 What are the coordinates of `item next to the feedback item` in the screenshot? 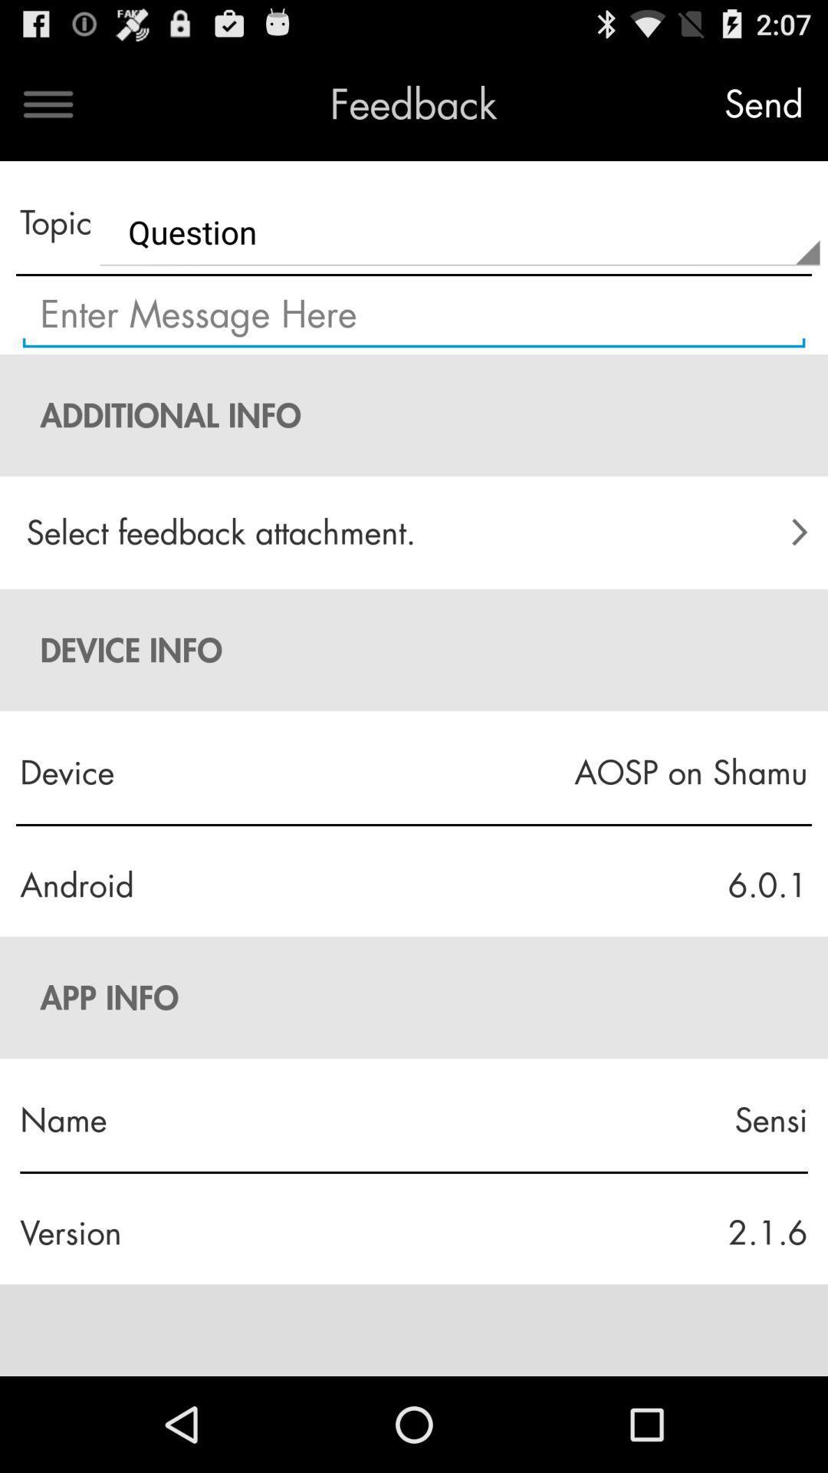 It's located at (47, 104).